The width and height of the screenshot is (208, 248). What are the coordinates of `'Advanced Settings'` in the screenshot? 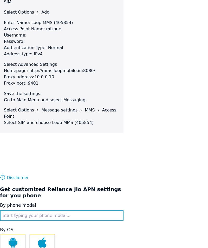 It's located at (37, 64).